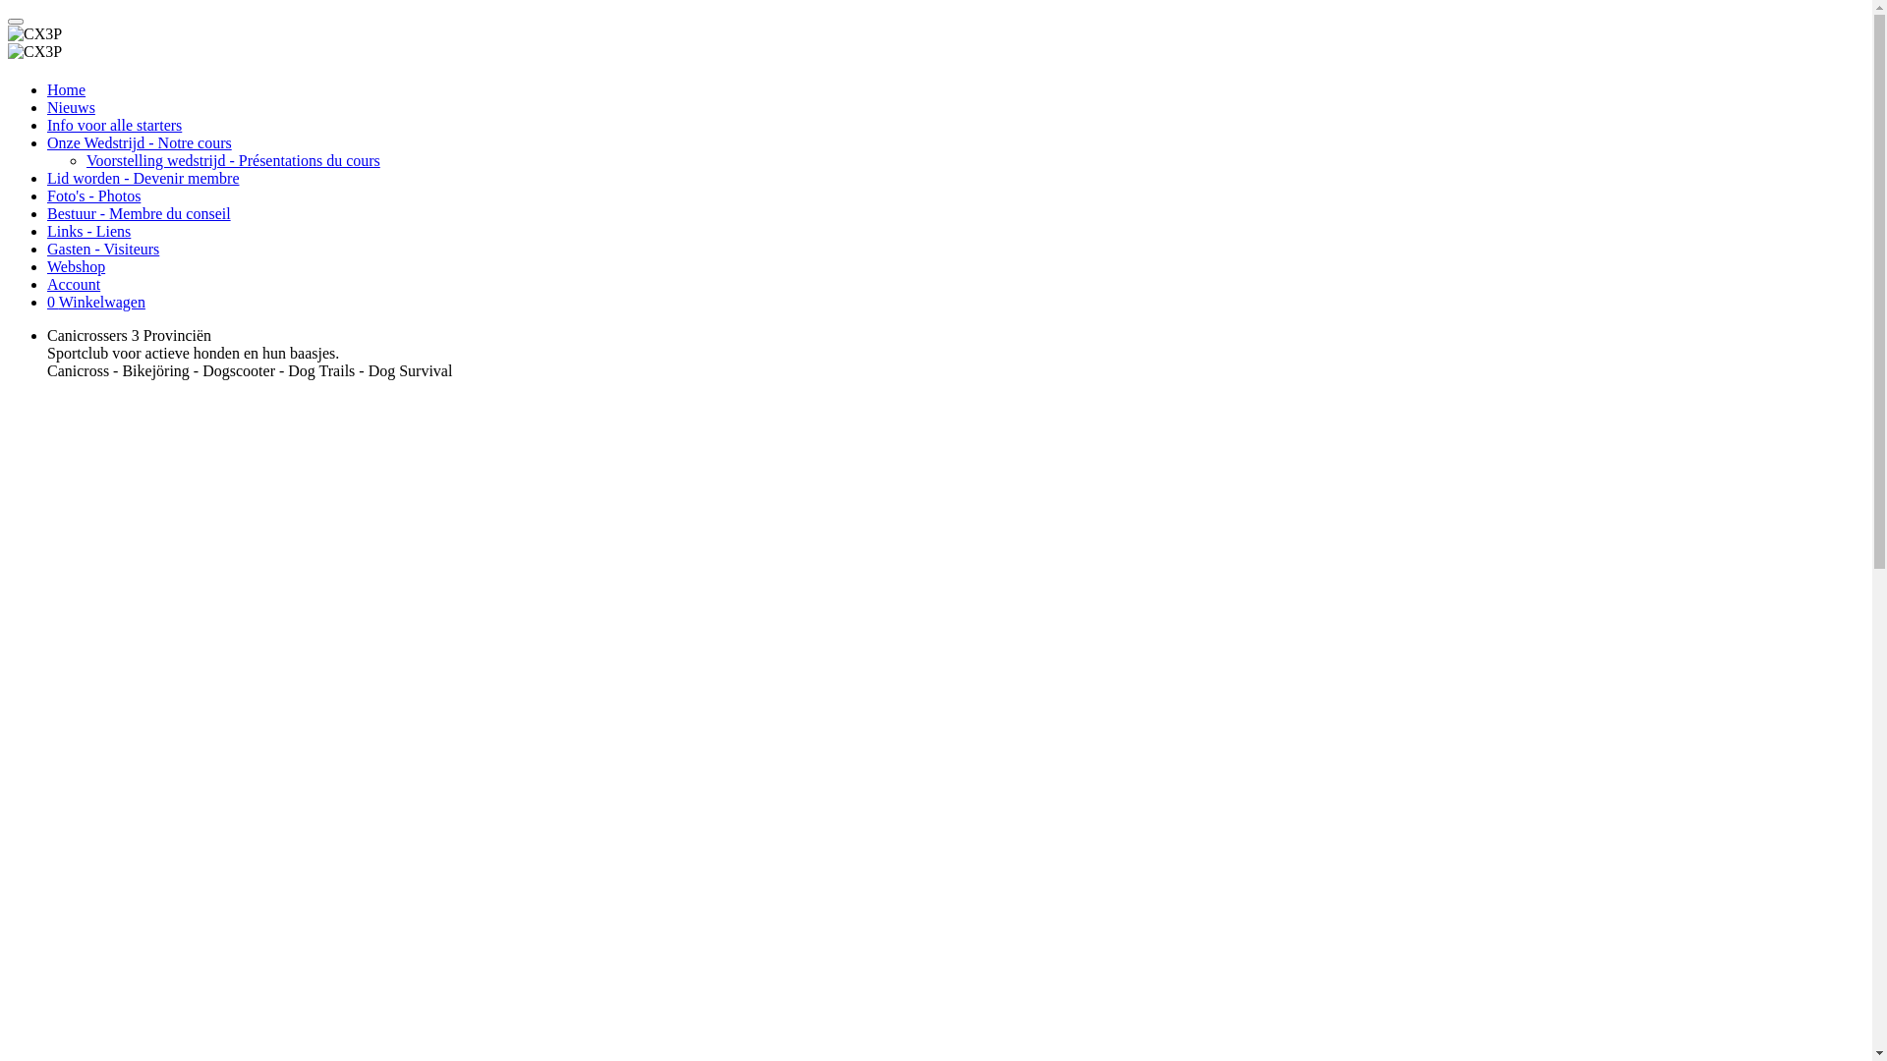  I want to click on 'Info voor alle starters', so click(113, 125).